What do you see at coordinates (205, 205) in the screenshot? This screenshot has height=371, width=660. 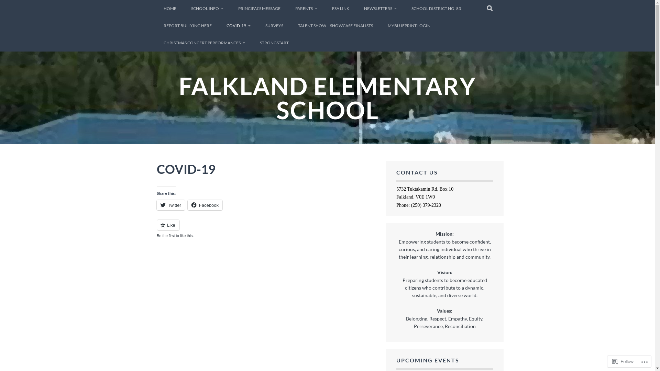 I see `'Facebook'` at bounding box center [205, 205].